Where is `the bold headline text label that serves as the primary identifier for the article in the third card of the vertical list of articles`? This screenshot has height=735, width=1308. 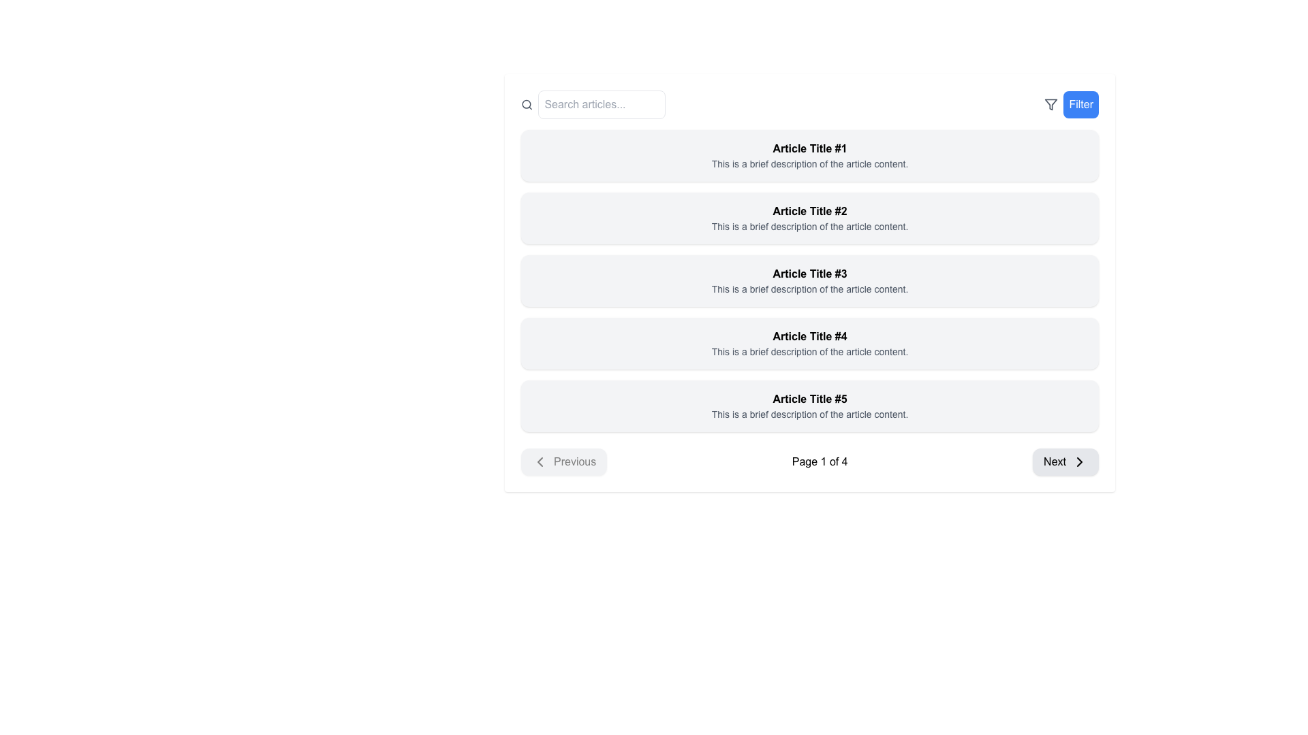
the bold headline text label that serves as the primary identifier for the article in the third card of the vertical list of articles is located at coordinates (810, 274).